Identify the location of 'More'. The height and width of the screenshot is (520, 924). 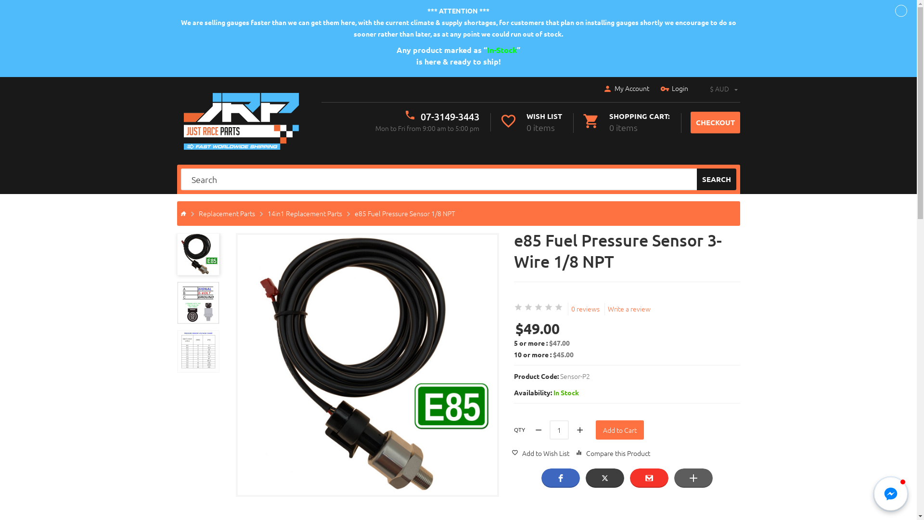
(693, 478).